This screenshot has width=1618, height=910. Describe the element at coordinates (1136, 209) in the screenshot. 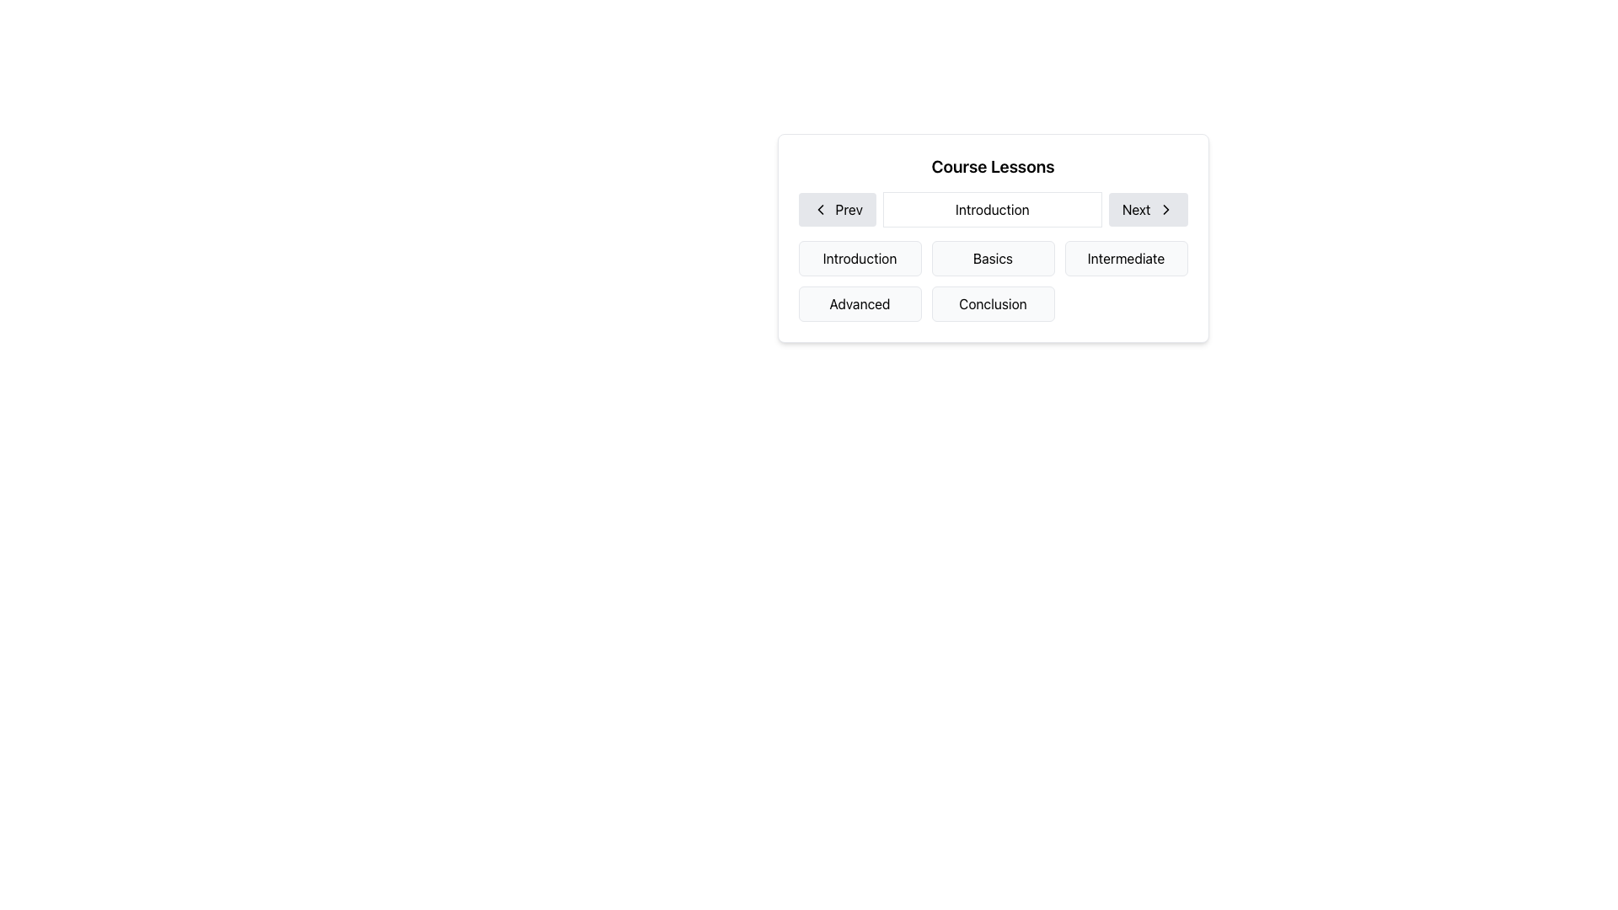

I see `the text label that reads 'Next', which is part of a button with a light gray background and rounded corners, located near the top-right corner of the content box labeled 'Course Lessons'` at that location.